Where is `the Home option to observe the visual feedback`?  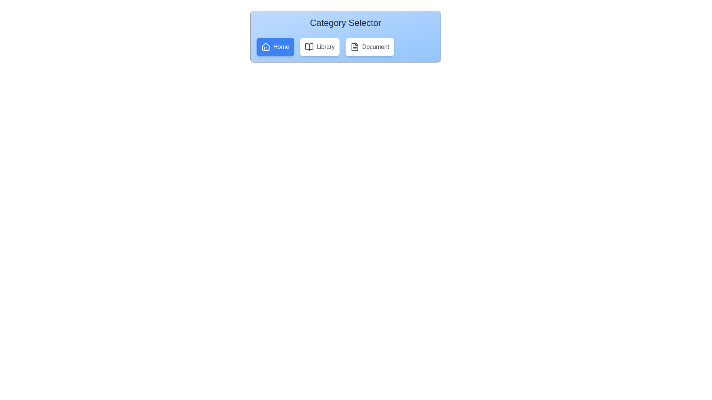
the Home option to observe the visual feedback is located at coordinates (275, 47).